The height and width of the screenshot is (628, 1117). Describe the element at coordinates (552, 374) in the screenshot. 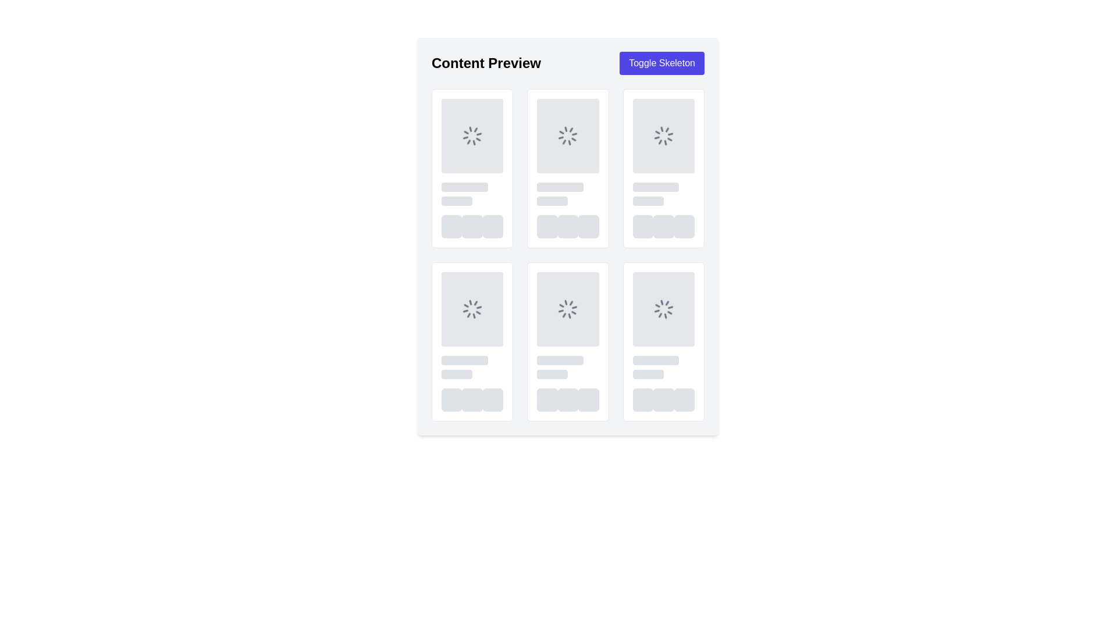

I see `the second skeleton loading bar element, which is styled with a gray background and has rounded corners, positioned in the center column of the second row, just below the spinner icon` at that location.